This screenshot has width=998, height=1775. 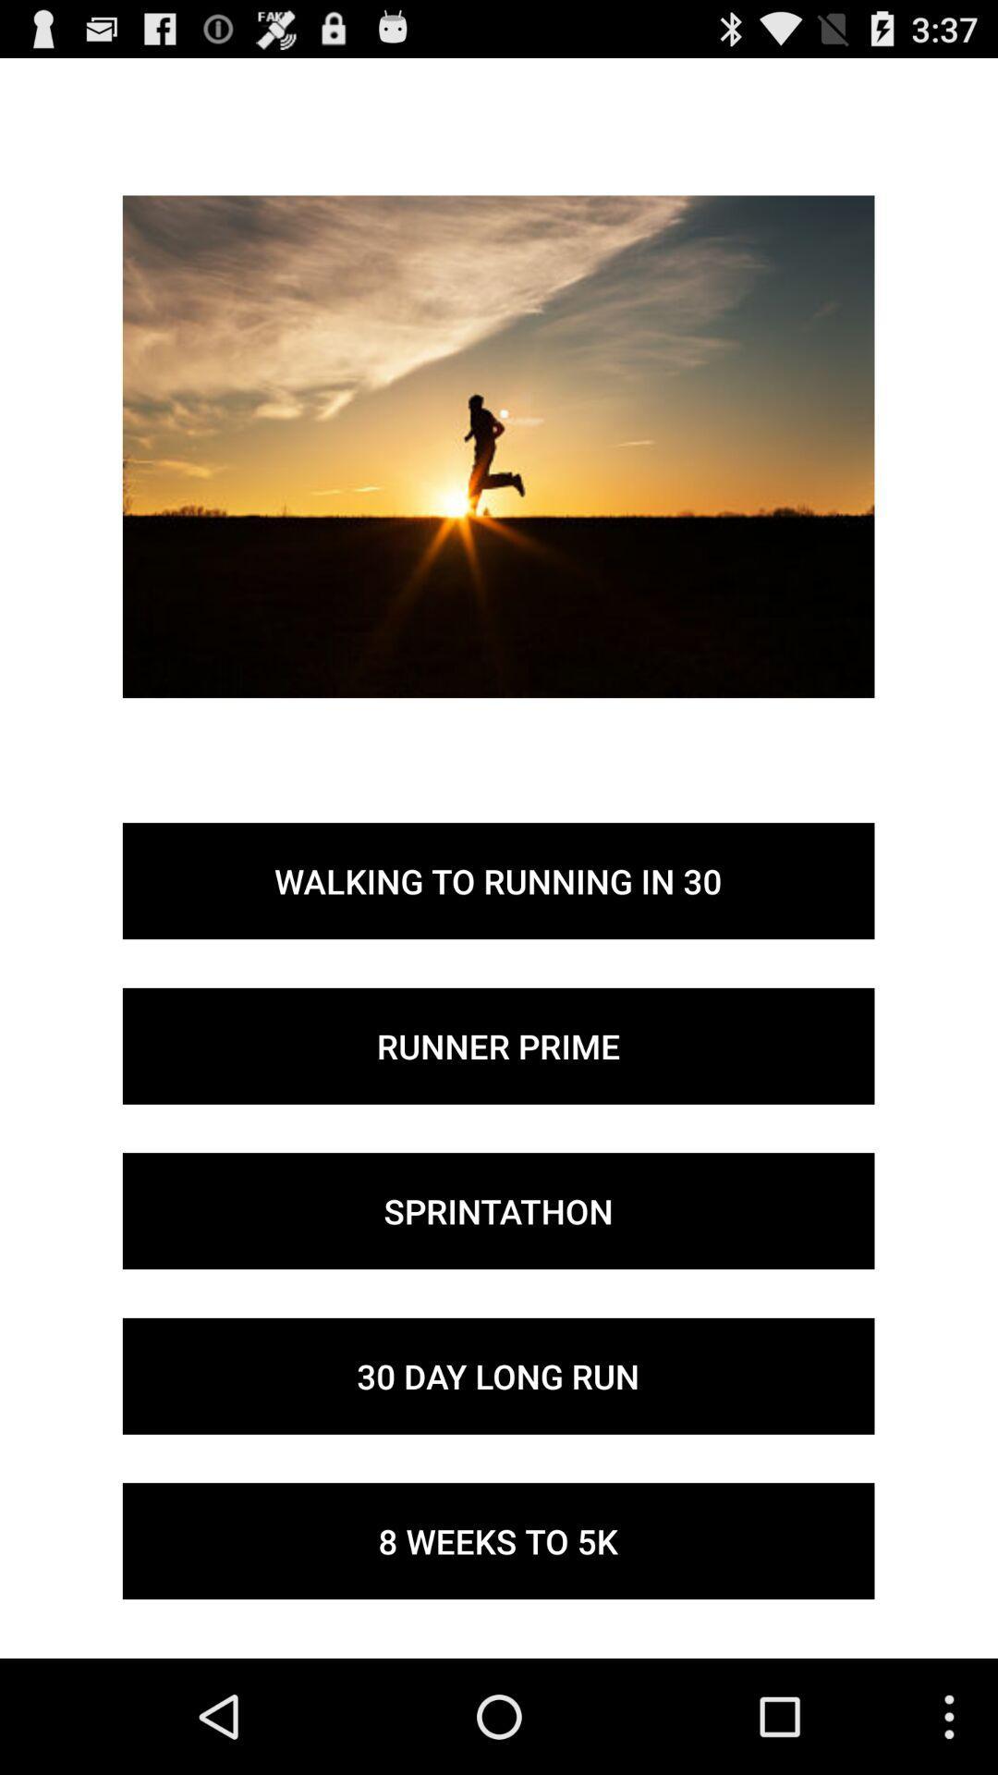 I want to click on button below the 30 day long item, so click(x=497, y=1541).